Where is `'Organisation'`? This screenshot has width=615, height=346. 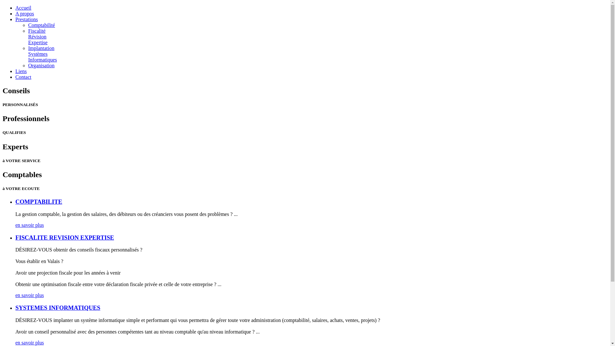
'Organisation' is located at coordinates (41, 65).